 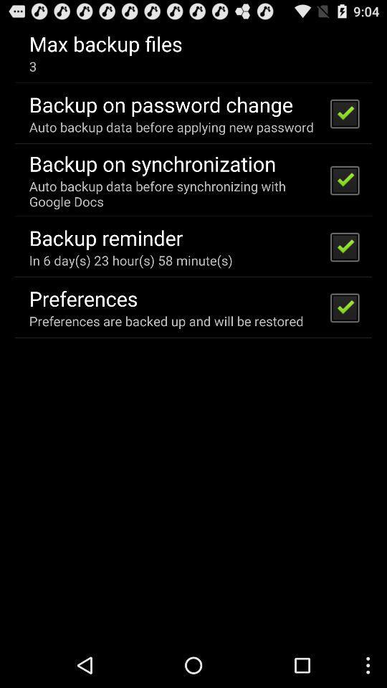 I want to click on the icon below the auto backup data item, so click(x=105, y=237).